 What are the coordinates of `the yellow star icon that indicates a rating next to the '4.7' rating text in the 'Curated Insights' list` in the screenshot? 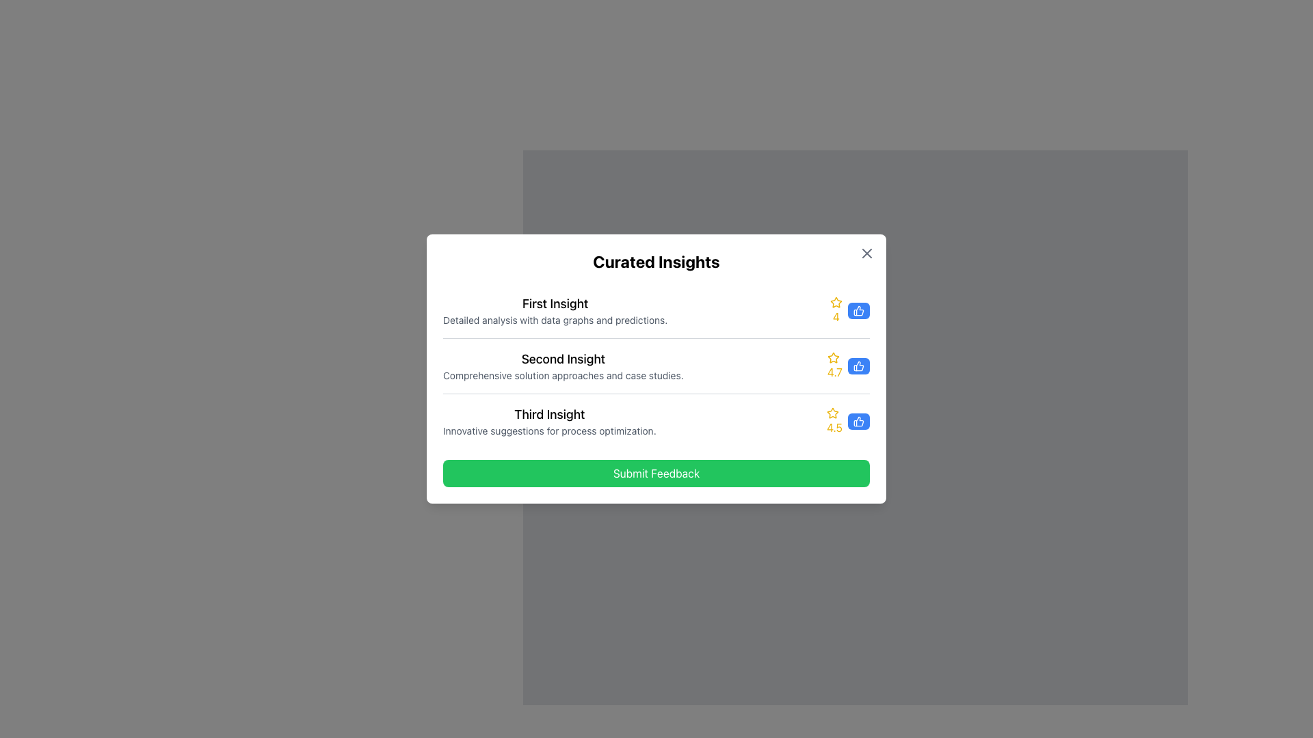 It's located at (832, 357).